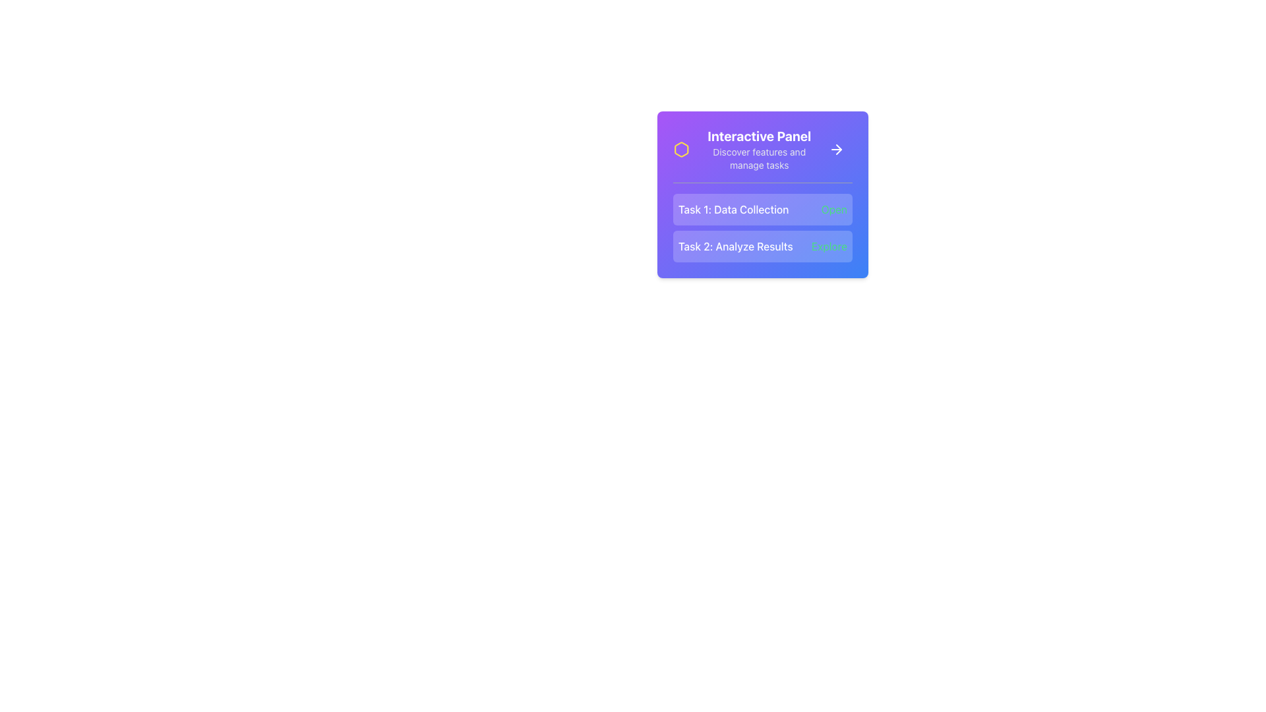 The width and height of the screenshot is (1266, 712). What do you see at coordinates (733, 208) in the screenshot?
I see `the text label that reads 'Task 1: Data Collection', which is the first label in a vertical list under the 'Interactive Panel' heading` at bounding box center [733, 208].